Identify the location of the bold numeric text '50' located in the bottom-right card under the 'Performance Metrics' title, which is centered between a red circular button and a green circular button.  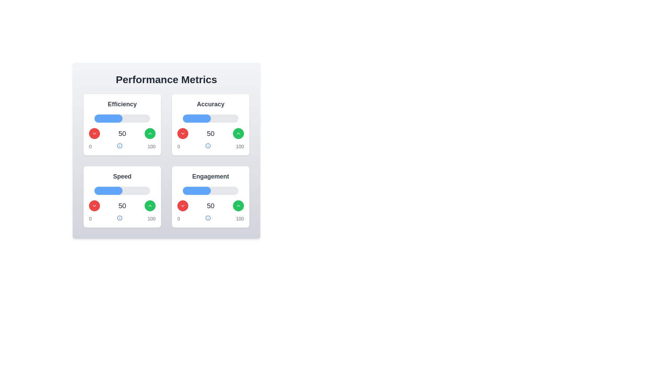
(210, 205).